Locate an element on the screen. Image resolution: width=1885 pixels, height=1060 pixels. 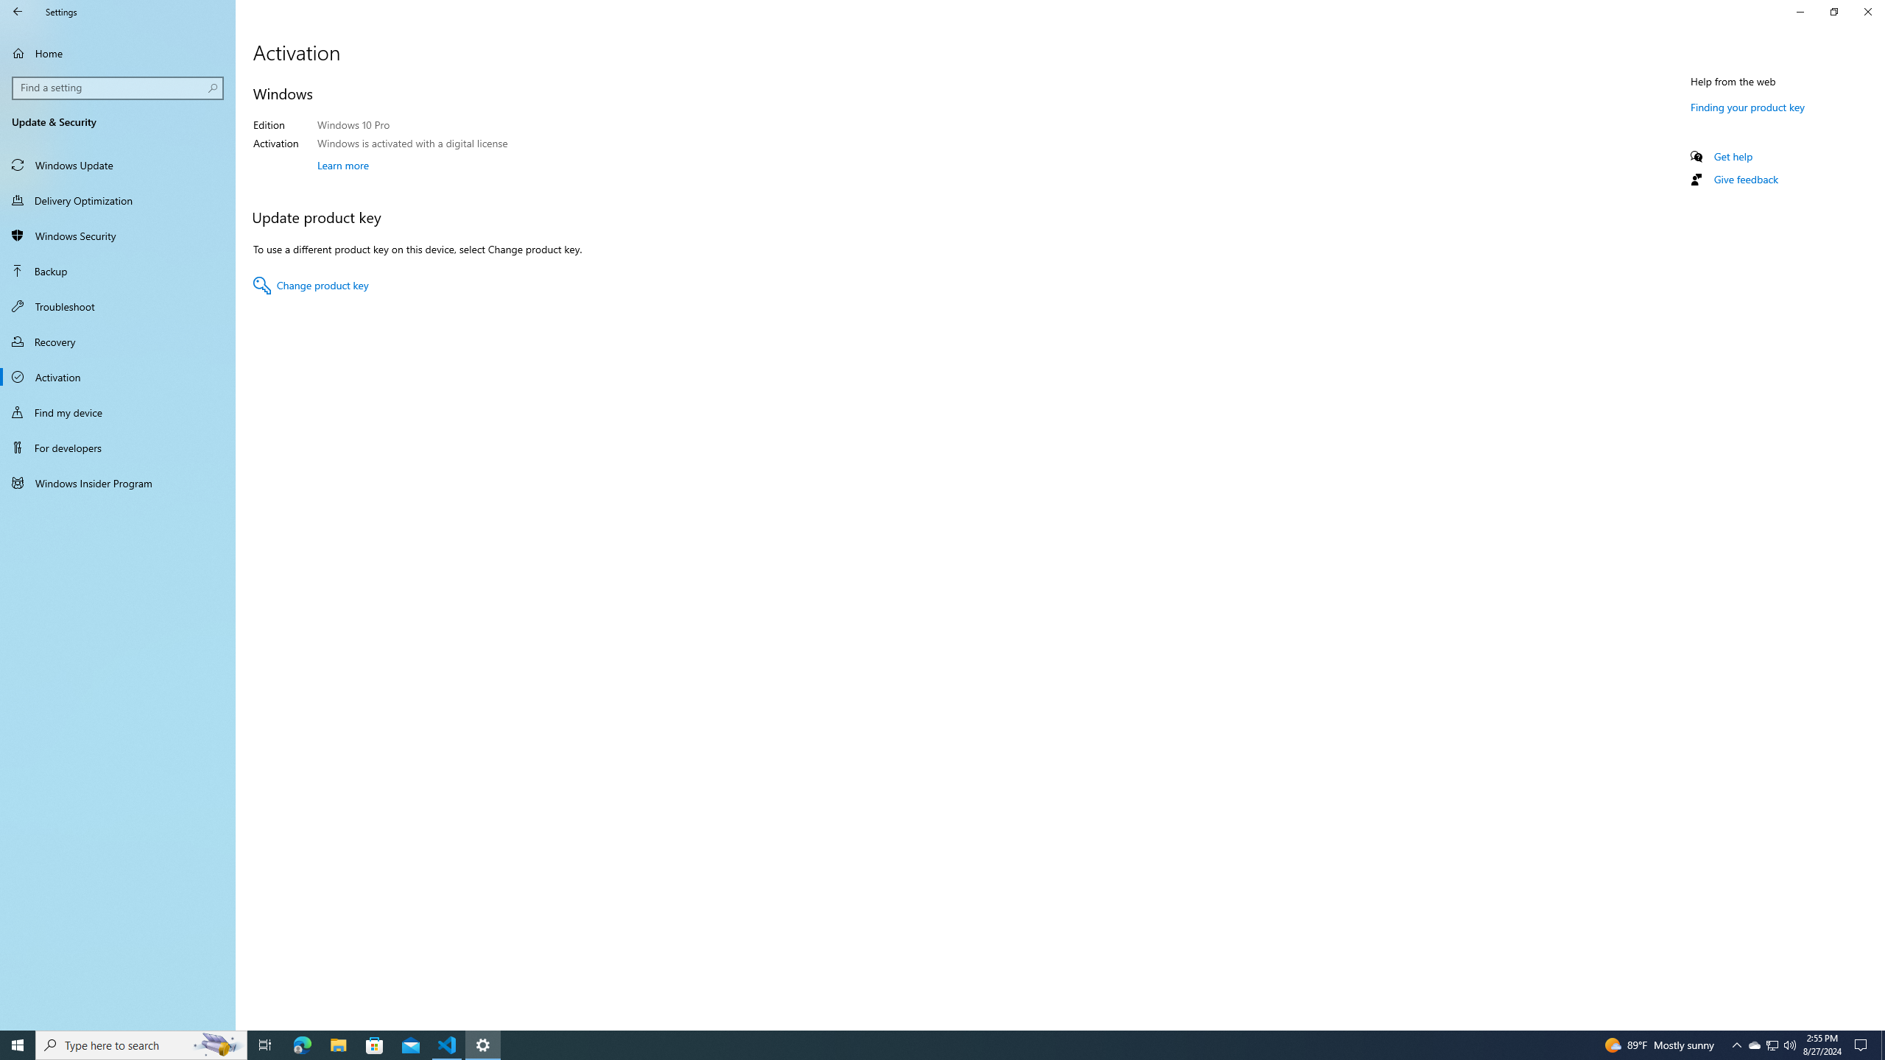
'Microsoft Store' is located at coordinates (375, 1044).